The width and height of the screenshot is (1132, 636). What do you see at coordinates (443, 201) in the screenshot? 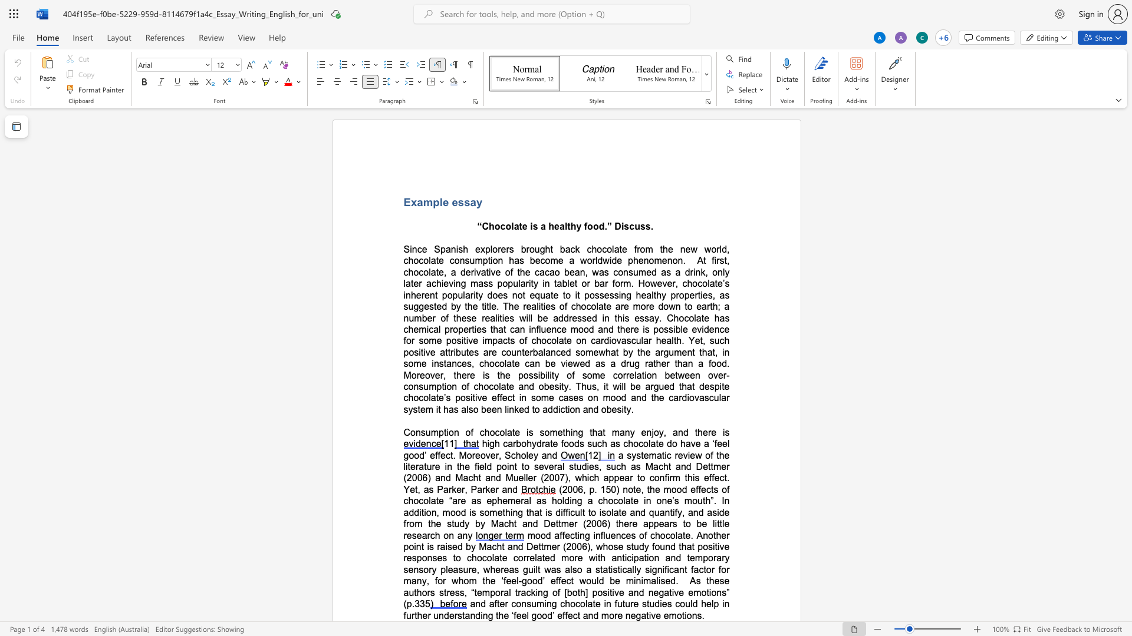
I see `the space between the continuous character "l" and "e" in the text` at bounding box center [443, 201].